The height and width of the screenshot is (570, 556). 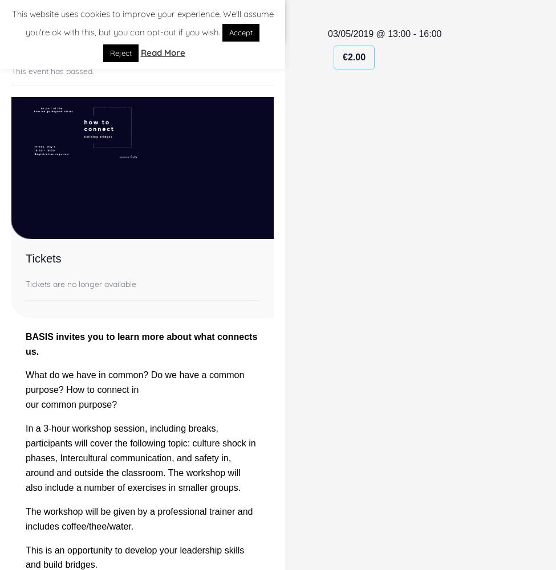 What do you see at coordinates (142, 23) in the screenshot?
I see `'This website uses cookies to improve your experience. We'll assume you're ok with this, but you can opt-out if you wish.'` at bounding box center [142, 23].